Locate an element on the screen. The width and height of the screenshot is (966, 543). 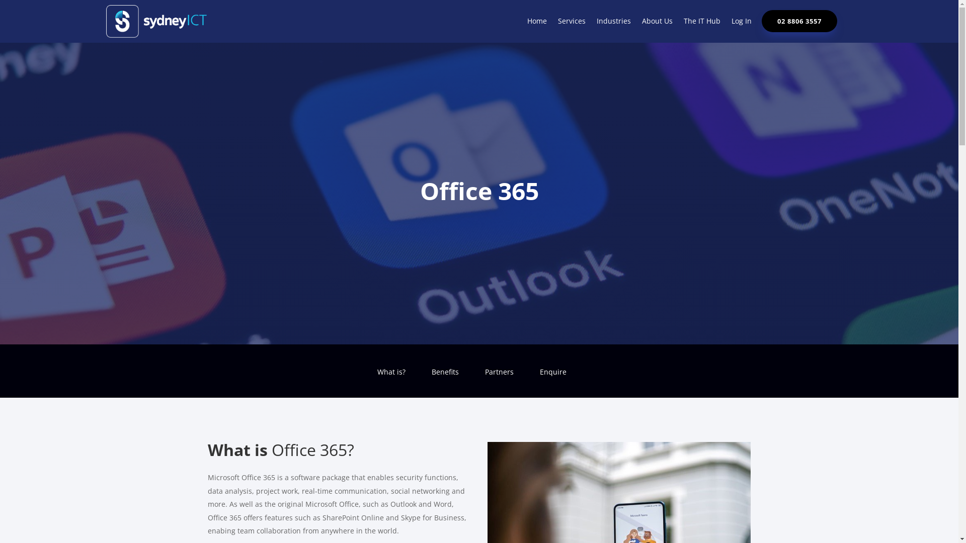
'Industries' is located at coordinates (613, 23).